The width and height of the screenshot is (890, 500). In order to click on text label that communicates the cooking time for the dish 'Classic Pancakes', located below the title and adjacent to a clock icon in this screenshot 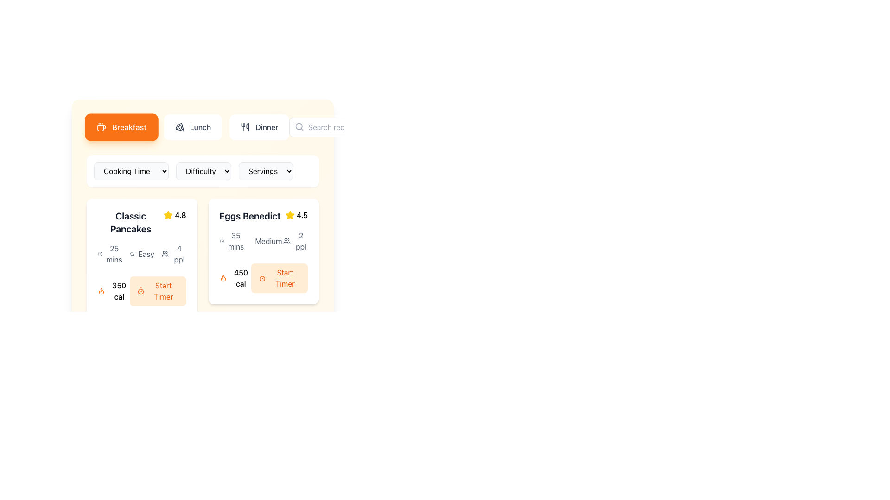, I will do `click(114, 254)`.